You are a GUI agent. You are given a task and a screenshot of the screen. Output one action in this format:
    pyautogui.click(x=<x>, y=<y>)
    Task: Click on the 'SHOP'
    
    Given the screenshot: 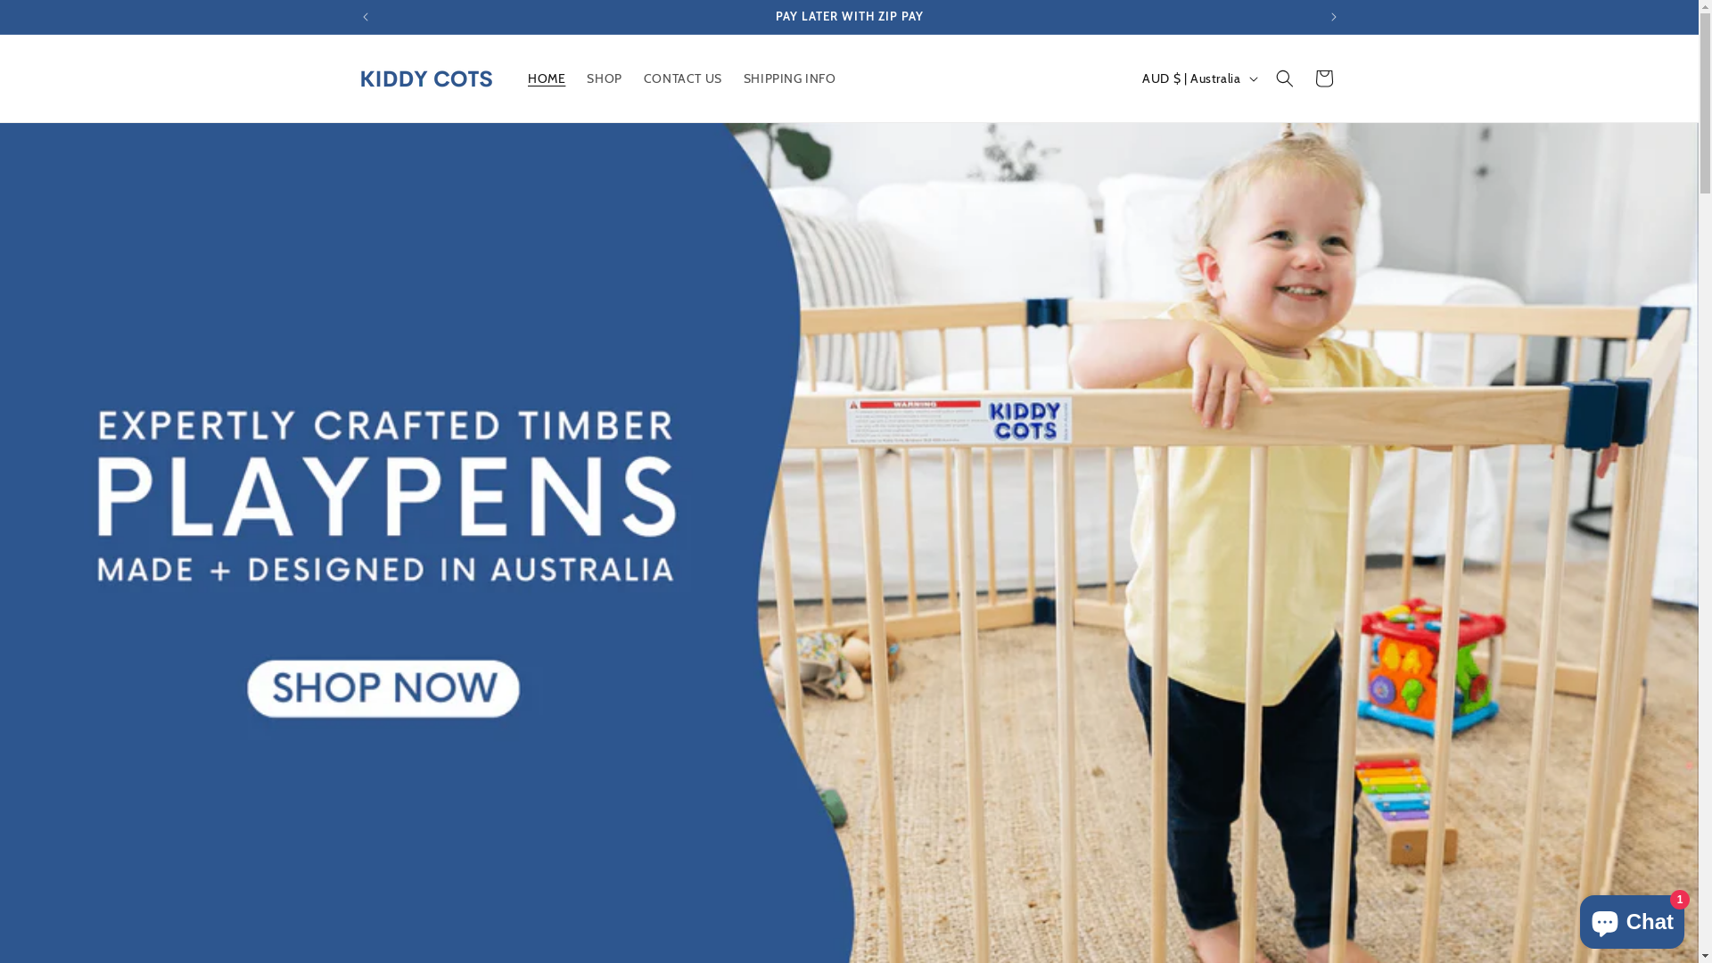 What is the action you would take?
    pyautogui.click(x=576, y=78)
    